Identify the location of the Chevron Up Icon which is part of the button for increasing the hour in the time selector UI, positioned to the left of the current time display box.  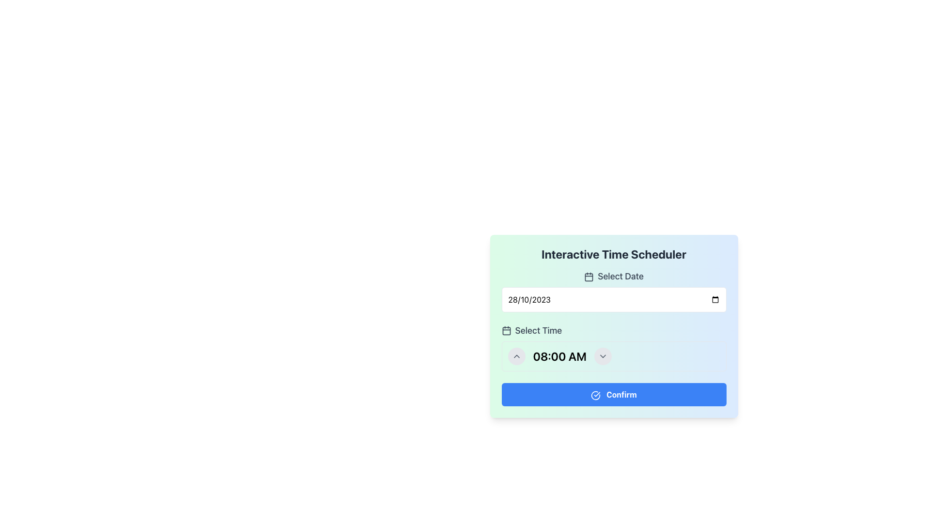
(516, 356).